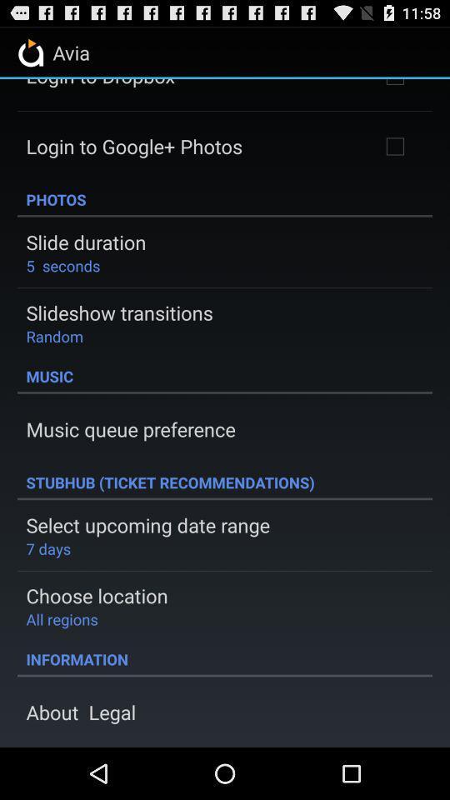  Describe the element at coordinates (62, 265) in the screenshot. I see `5  seconds app` at that location.